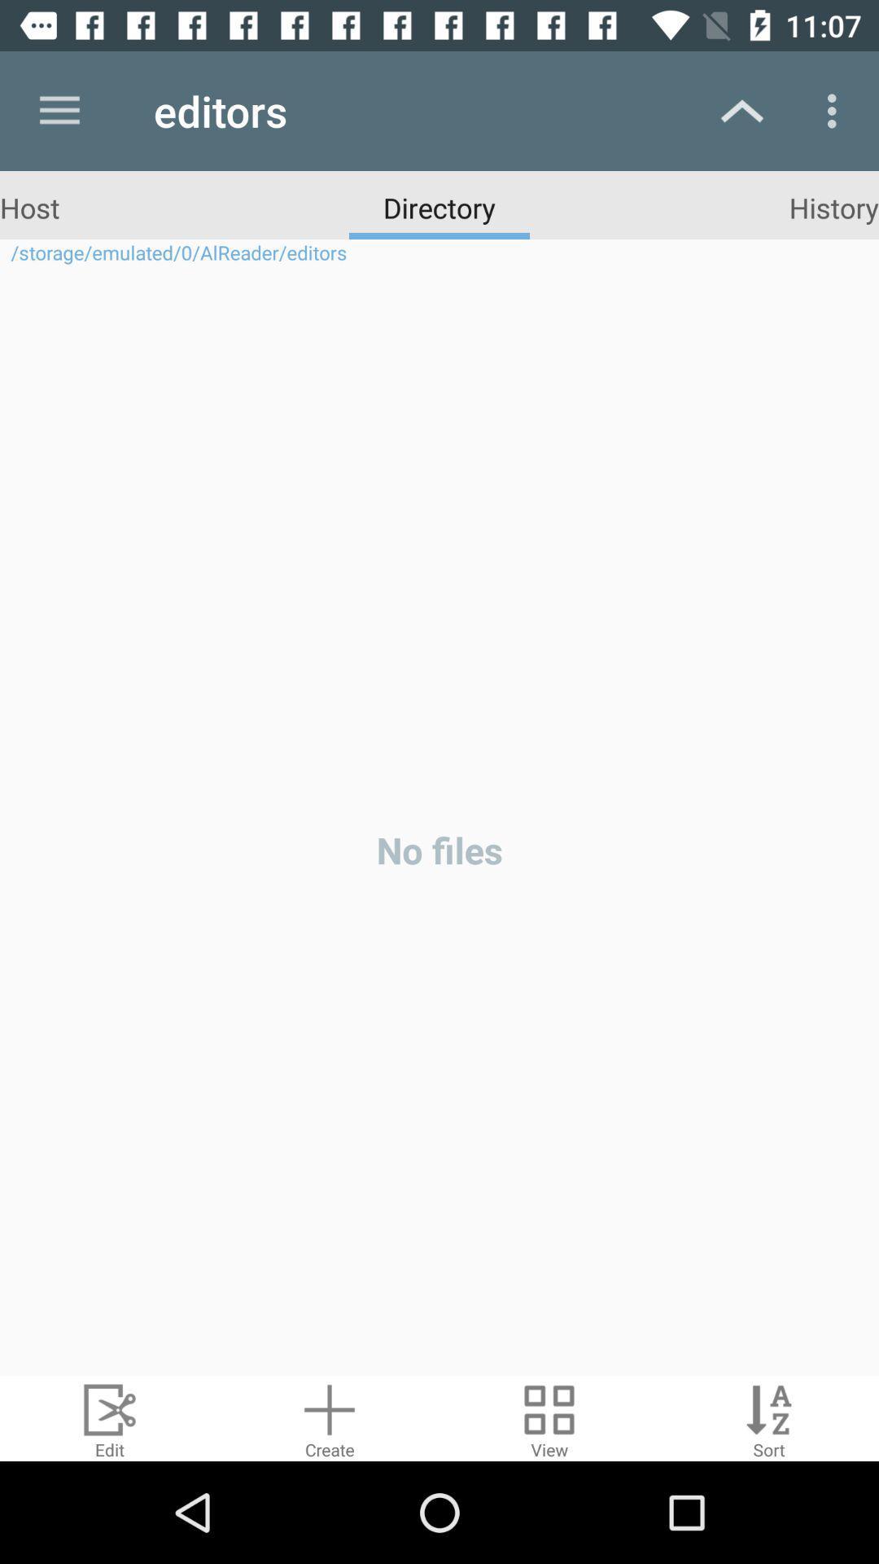  I want to click on view, so click(549, 1417).